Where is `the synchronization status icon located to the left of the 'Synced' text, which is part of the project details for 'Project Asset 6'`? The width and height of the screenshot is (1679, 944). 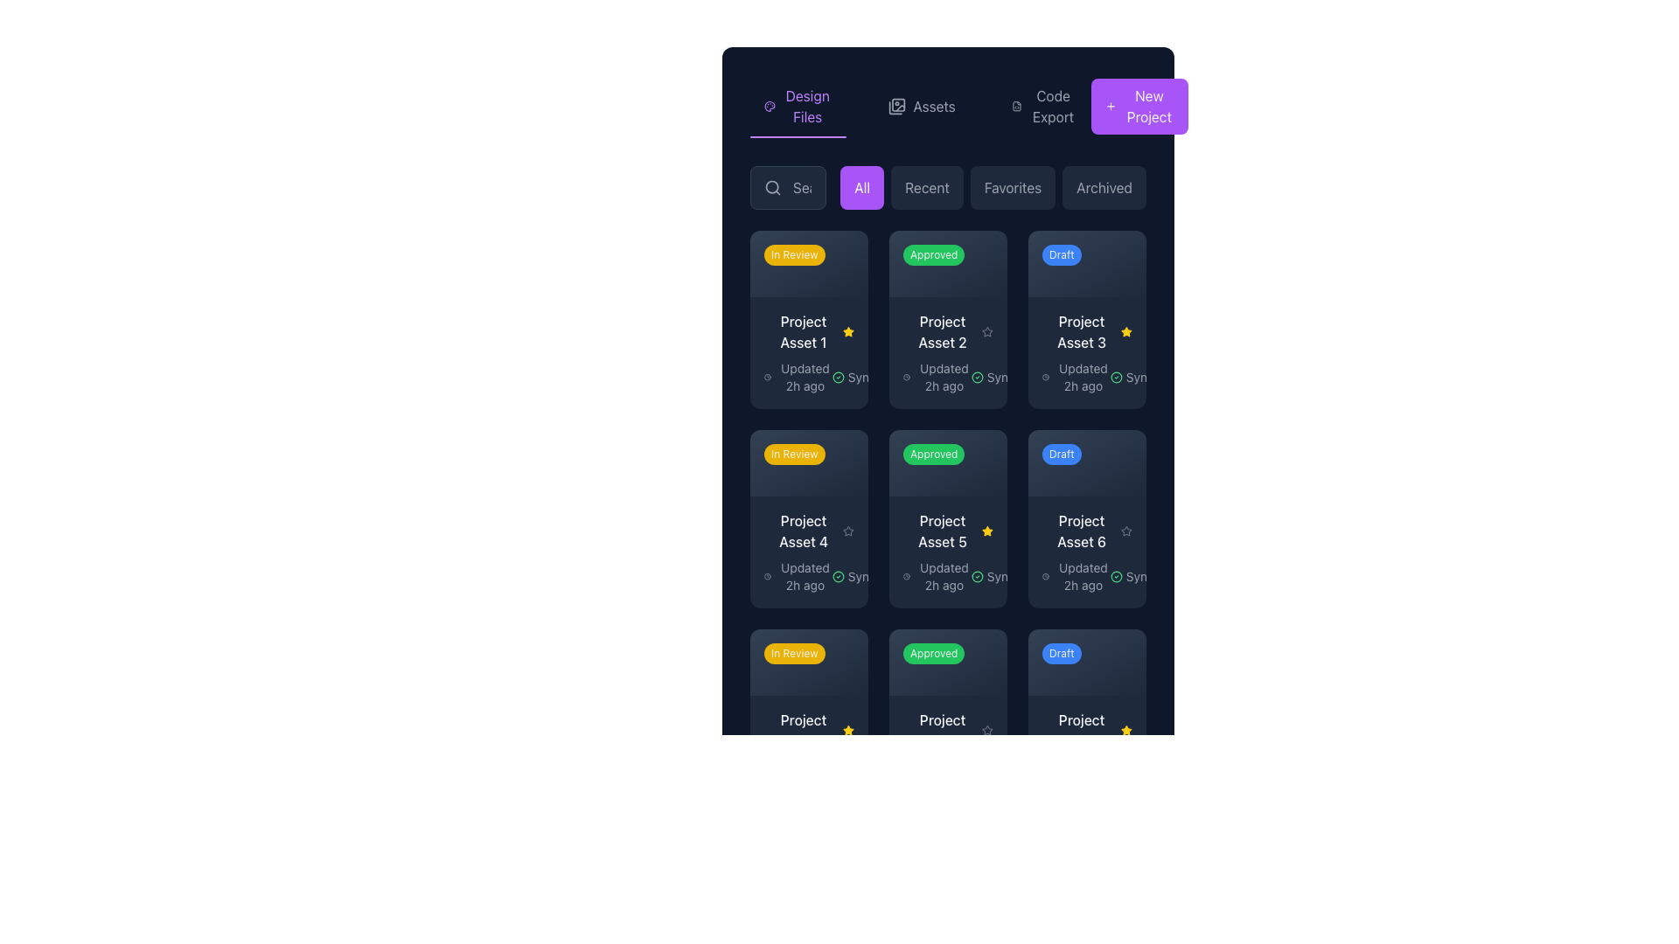 the synchronization status icon located to the left of the 'Synced' text, which is part of the project details for 'Project Asset 6' is located at coordinates (1115, 576).